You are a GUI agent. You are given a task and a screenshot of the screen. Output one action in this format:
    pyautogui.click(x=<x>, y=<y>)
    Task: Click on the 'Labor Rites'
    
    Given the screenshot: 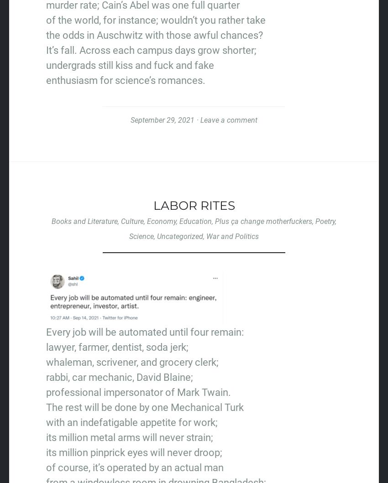 What is the action you would take?
    pyautogui.click(x=194, y=205)
    